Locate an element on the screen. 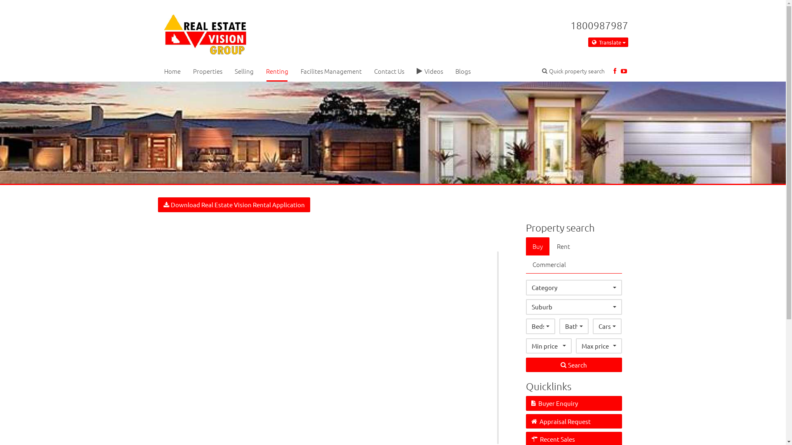 This screenshot has width=792, height=445. 'Baths is located at coordinates (573, 326).